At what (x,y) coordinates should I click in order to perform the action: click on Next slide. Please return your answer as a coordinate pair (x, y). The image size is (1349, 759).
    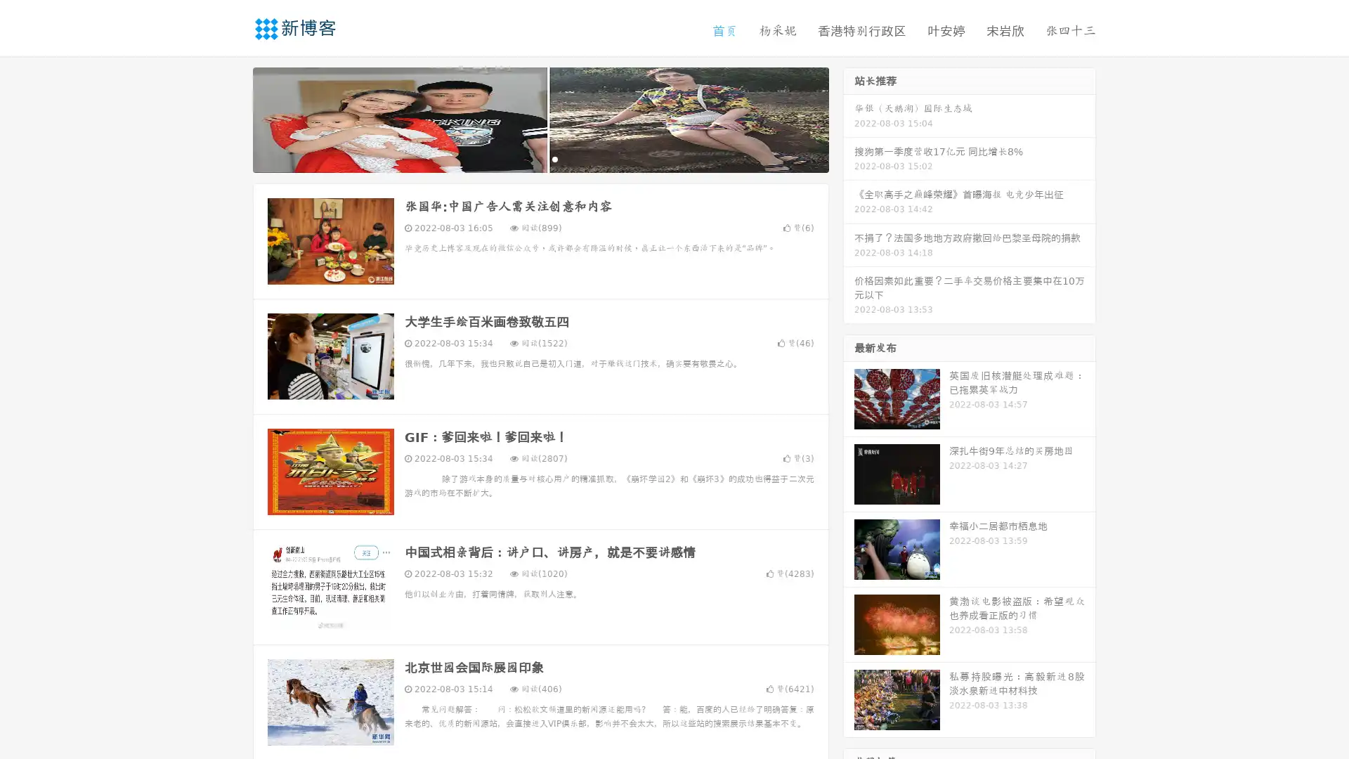
    Looking at the image, I should click on (849, 118).